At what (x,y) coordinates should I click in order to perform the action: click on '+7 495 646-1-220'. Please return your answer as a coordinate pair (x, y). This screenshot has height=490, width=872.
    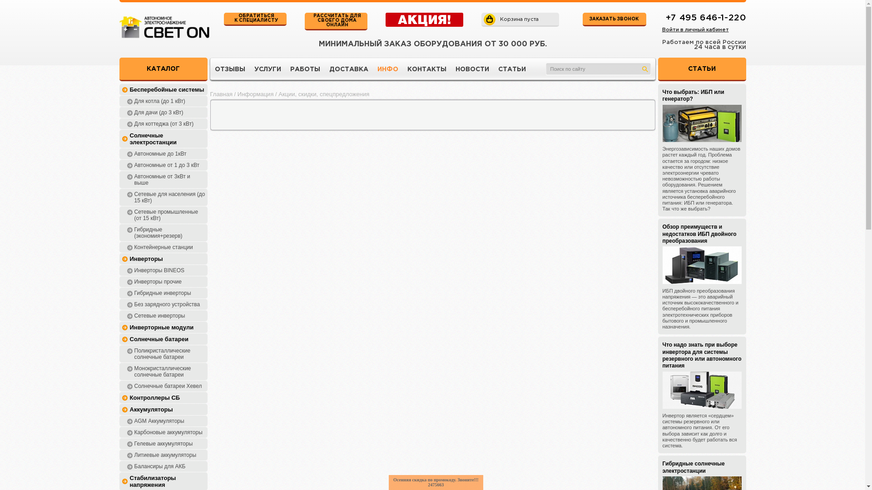
    Looking at the image, I should click on (705, 18).